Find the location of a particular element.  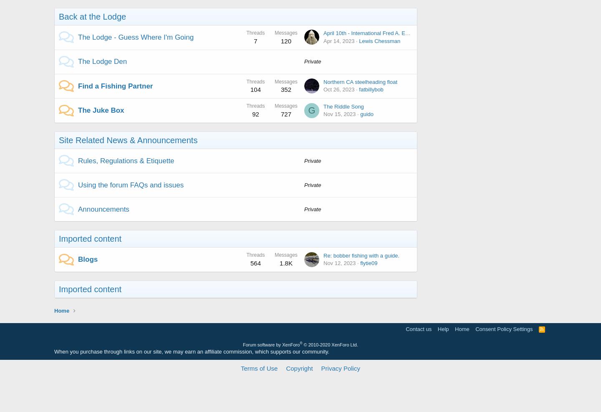

'The Lodge - Guess Where I'm Going' is located at coordinates (136, 37).